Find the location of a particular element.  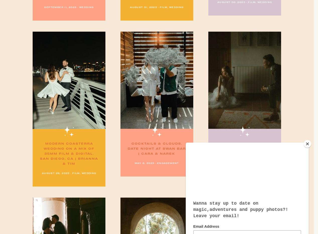

'Engagement' is located at coordinates (168, 163).